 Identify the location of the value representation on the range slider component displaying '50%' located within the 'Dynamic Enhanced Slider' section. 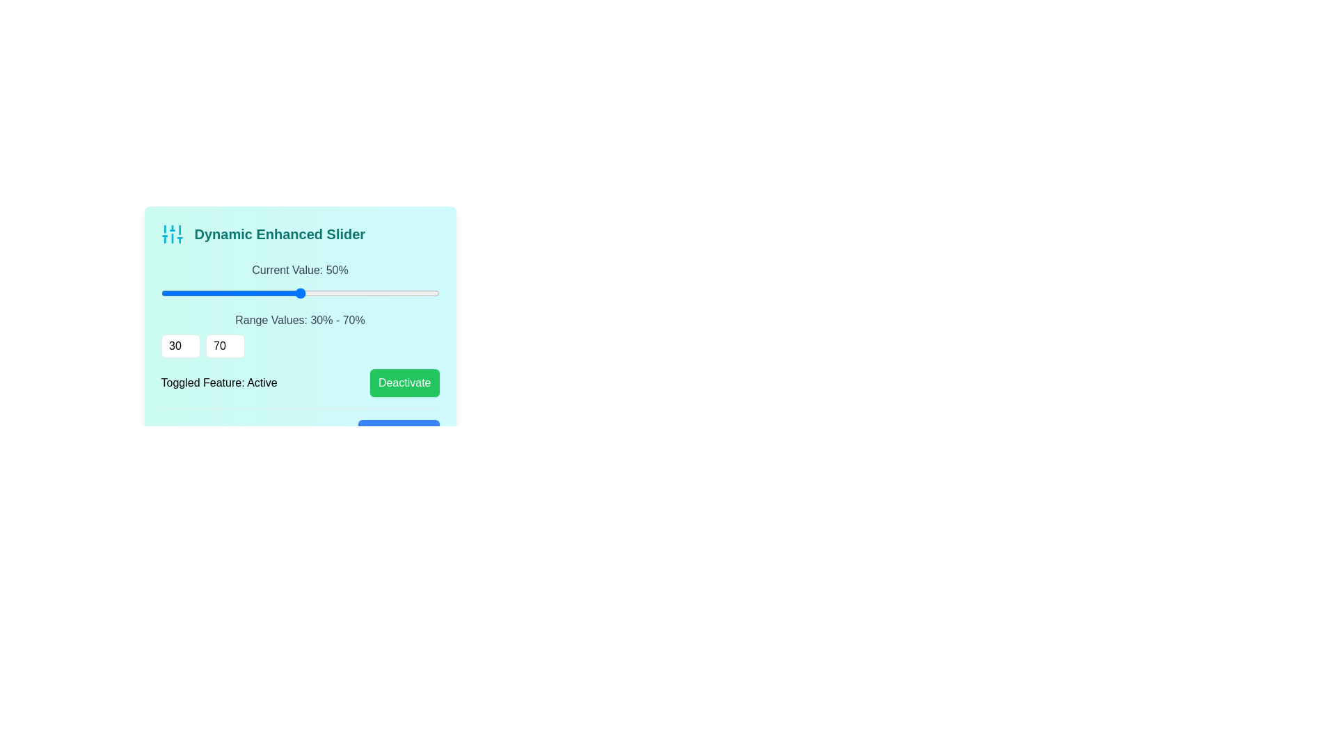
(299, 282).